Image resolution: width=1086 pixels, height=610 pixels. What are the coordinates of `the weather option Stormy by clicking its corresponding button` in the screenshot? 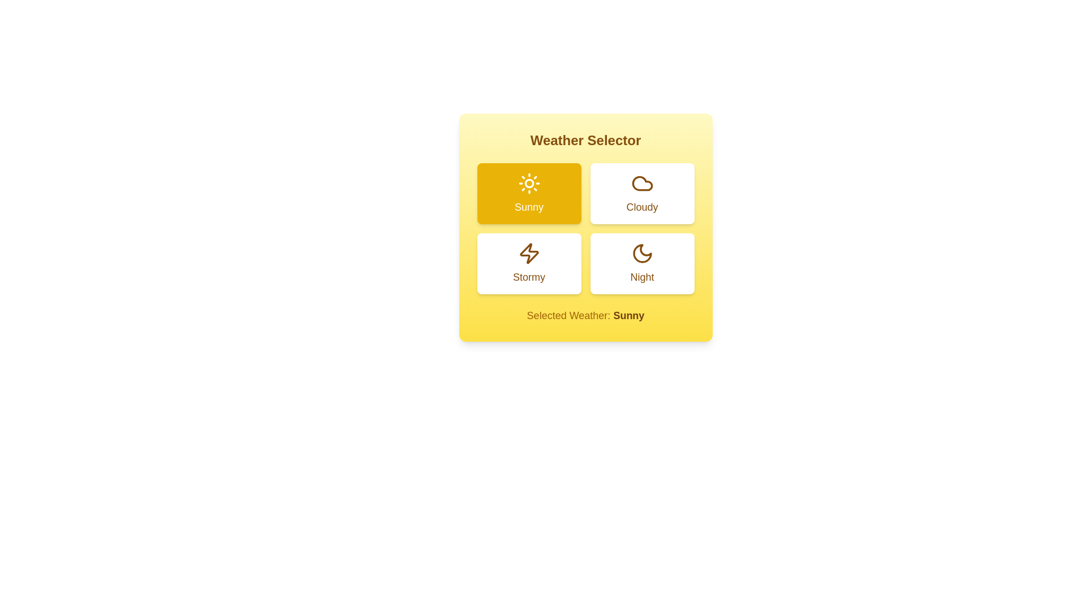 It's located at (528, 263).